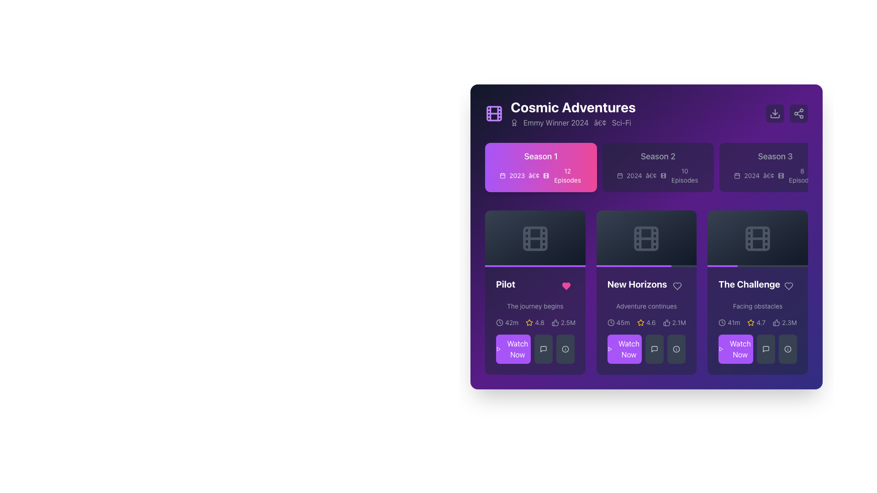  Describe the element at coordinates (666, 322) in the screenshot. I see `the Thumbs Up SVG Icon in the 'New Horizons' section to like the content` at that location.